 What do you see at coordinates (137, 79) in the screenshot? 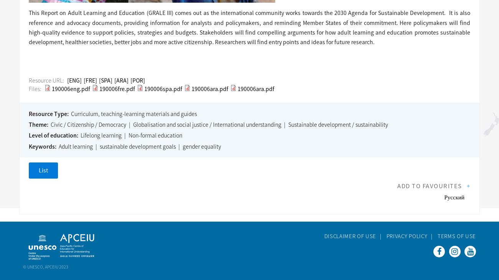
I see `'[POR]'` at bounding box center [137, 79].